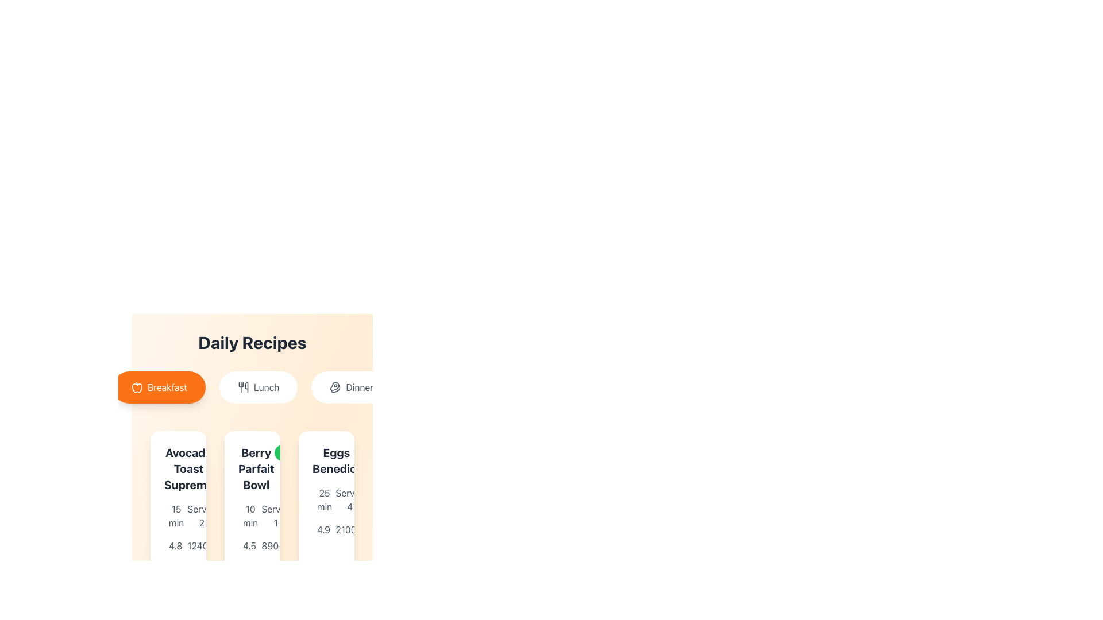 This screenshot has height=620, width=1103. Describe the element at coordinates (349, 499) in the screenshot. I see `the Text Label indicating the serving size of the dish in the third card titled 'Eggs Benedict' under the 'Daily Recipes' section` at that location.